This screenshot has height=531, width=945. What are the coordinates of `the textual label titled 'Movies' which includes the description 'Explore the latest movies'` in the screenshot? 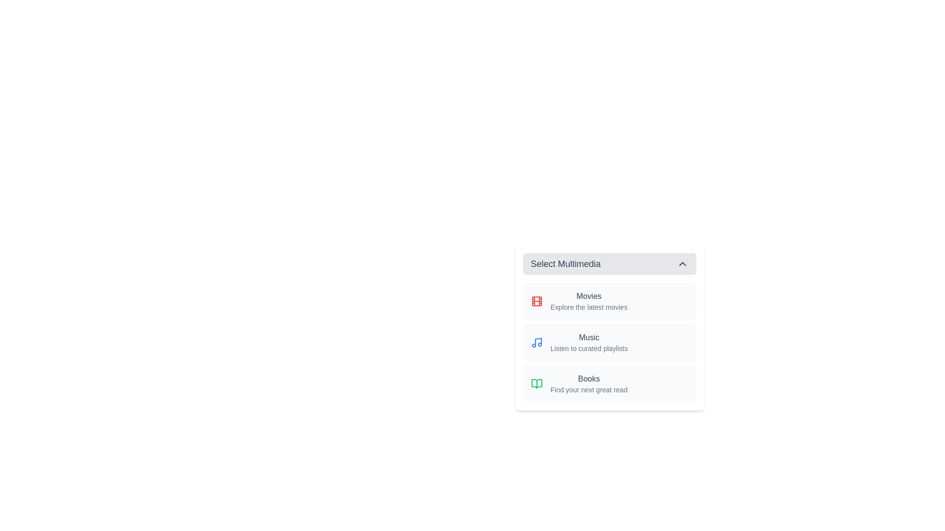 It's located at (589, 301).